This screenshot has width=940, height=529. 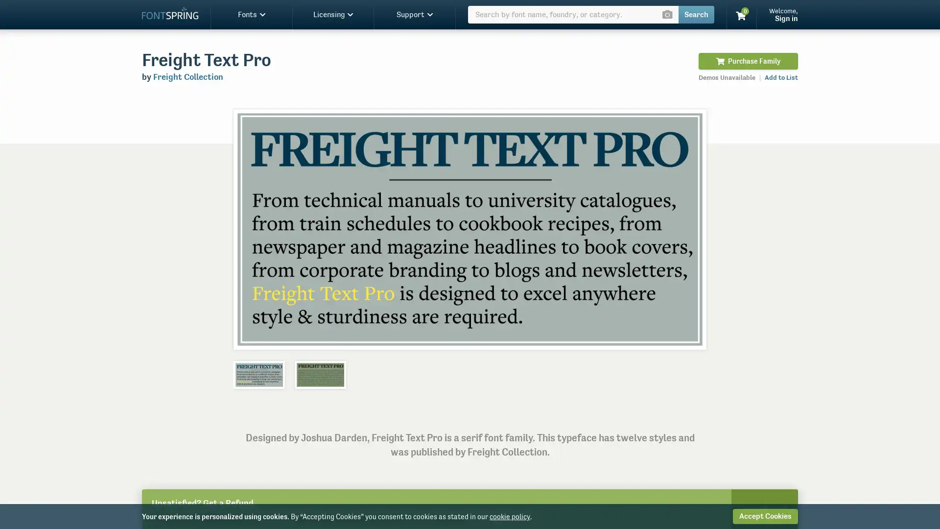 What do you see at coordinates (748, 61) in the screenshot?
I see `Purchase Family` at bounding box center [748, 61].